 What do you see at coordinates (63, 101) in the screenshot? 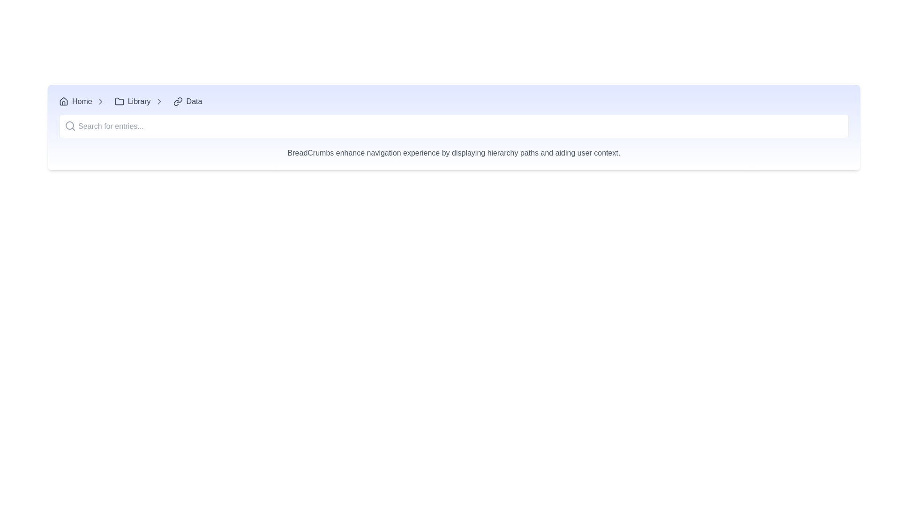
I see `the 'Home' navigation icon located at the far left of the breadcrumb navigation bar to trigger a tooltip or visual effect` at bounding box center [63, 101].